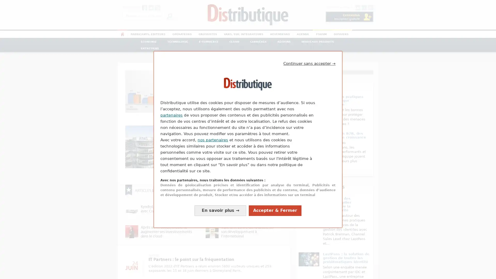 The image size is (496, 279). What do you see at coordinates (220, 210) in the screenshot?
I see `Configurer vos consentements` at bounding box center [220, 210].